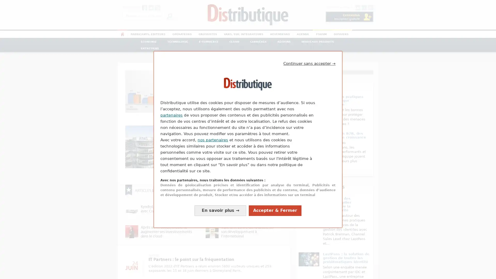 The image size is (496, 279). What do you see at coordinates (220, 210) in the screenshot?
I see `Configurer vos consentements` at bounding box center [220, 210].